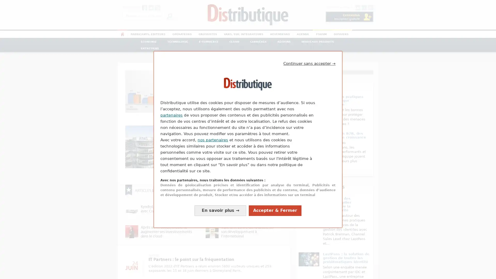 The image size is (496, 279). What do you see at coordinates (220, 210) in the screenshot?
I see `Configurer vos consentements` at bounding box center [220, 210].